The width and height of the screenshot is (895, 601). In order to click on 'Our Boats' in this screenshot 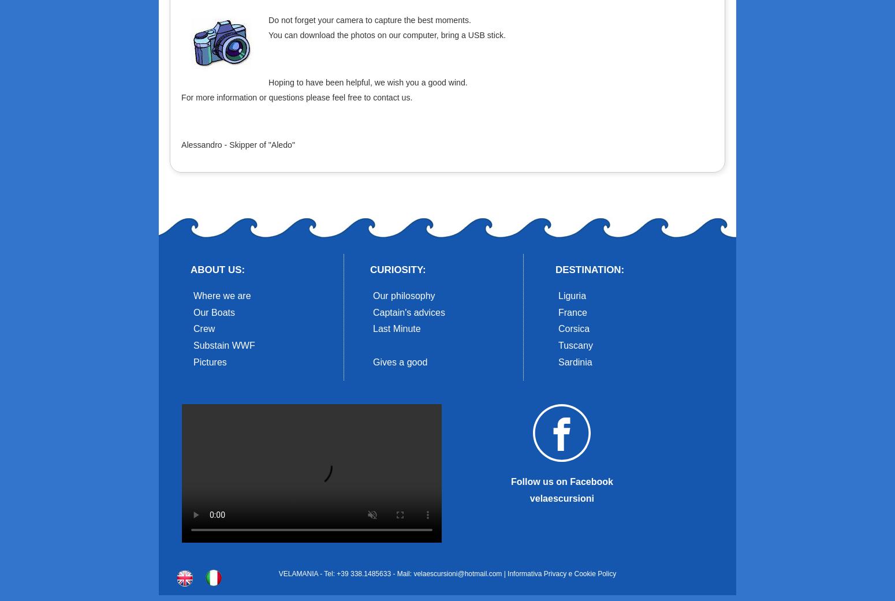, I will do `click(214, 312)`.